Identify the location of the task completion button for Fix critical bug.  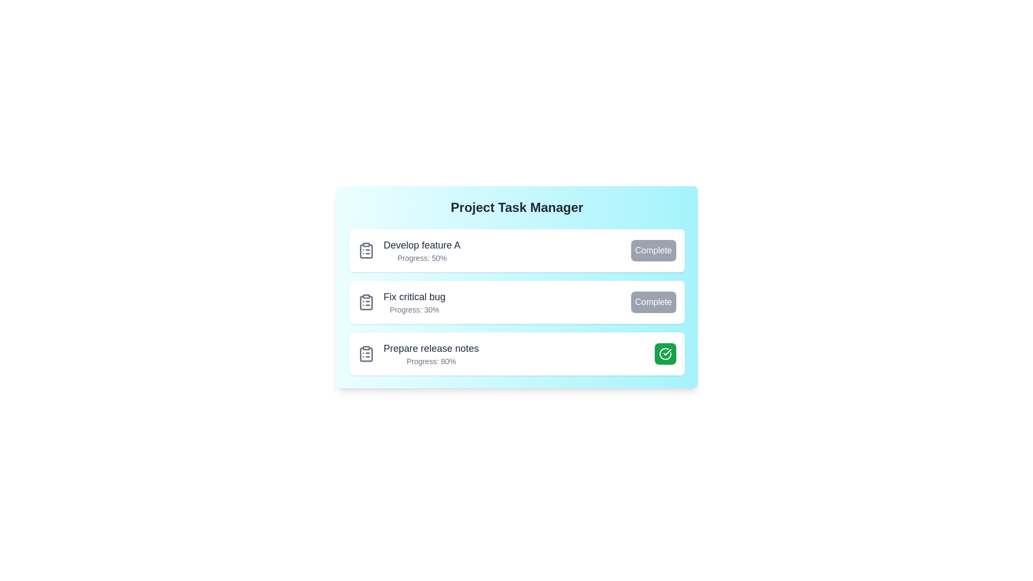
(653, 302).